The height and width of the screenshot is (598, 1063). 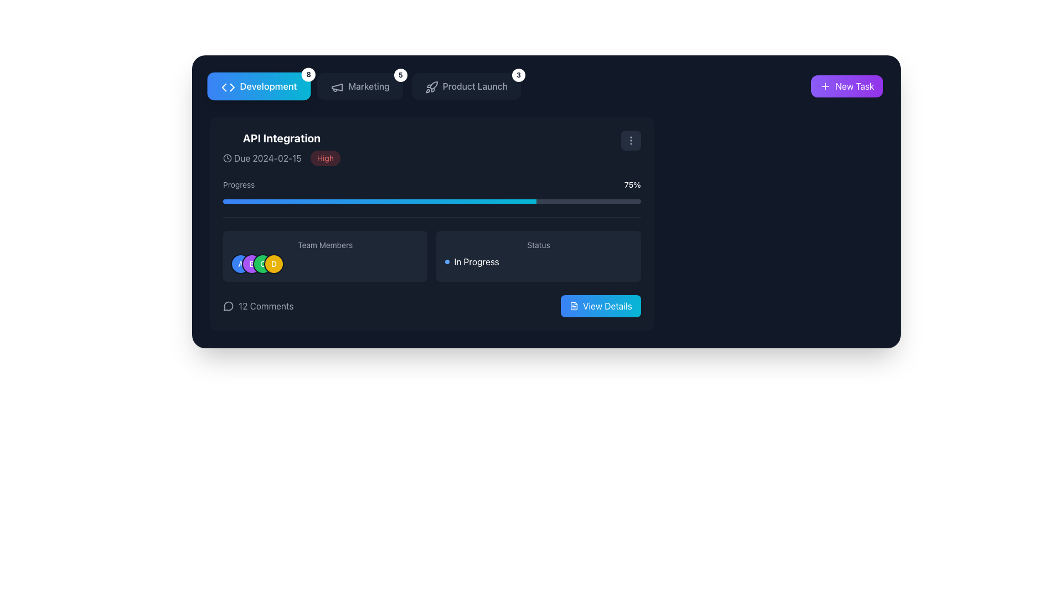 I want to click on the 'Marketing' text label element in the horizontal navigation menu if it is selectable, so click(x=369, y=85).